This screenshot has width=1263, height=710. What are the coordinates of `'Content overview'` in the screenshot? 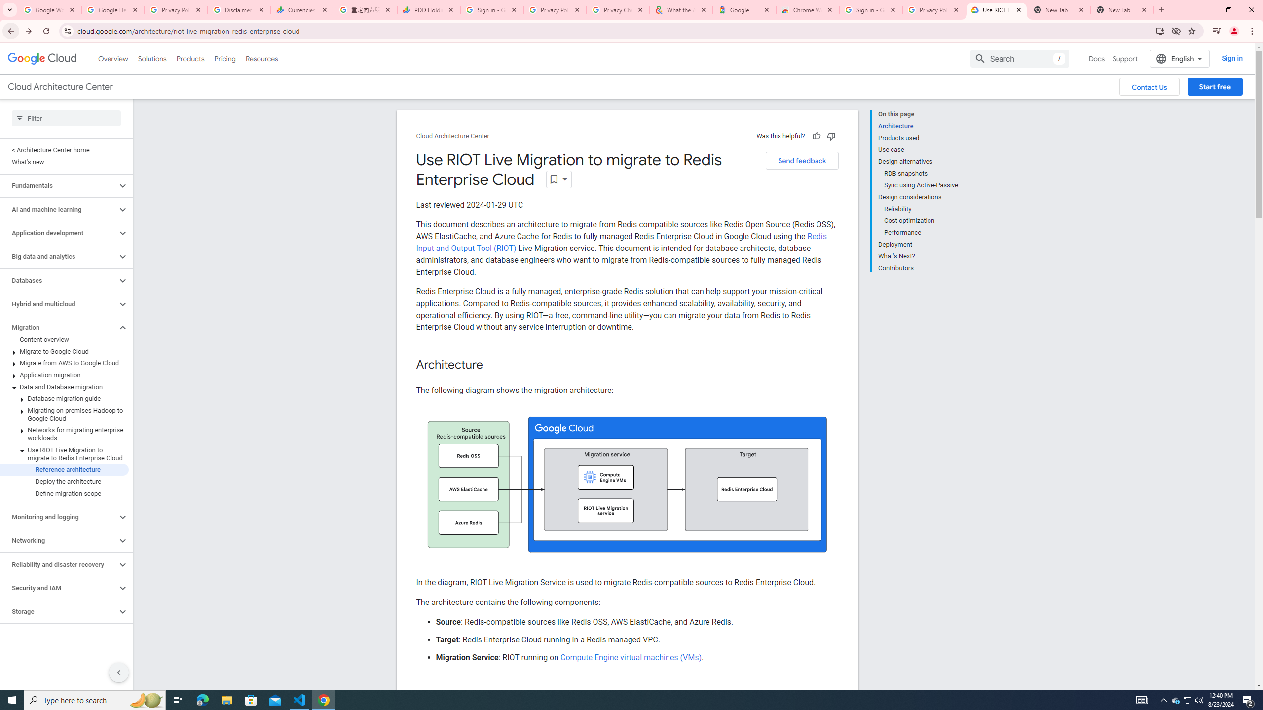 It's located at (64, 340).